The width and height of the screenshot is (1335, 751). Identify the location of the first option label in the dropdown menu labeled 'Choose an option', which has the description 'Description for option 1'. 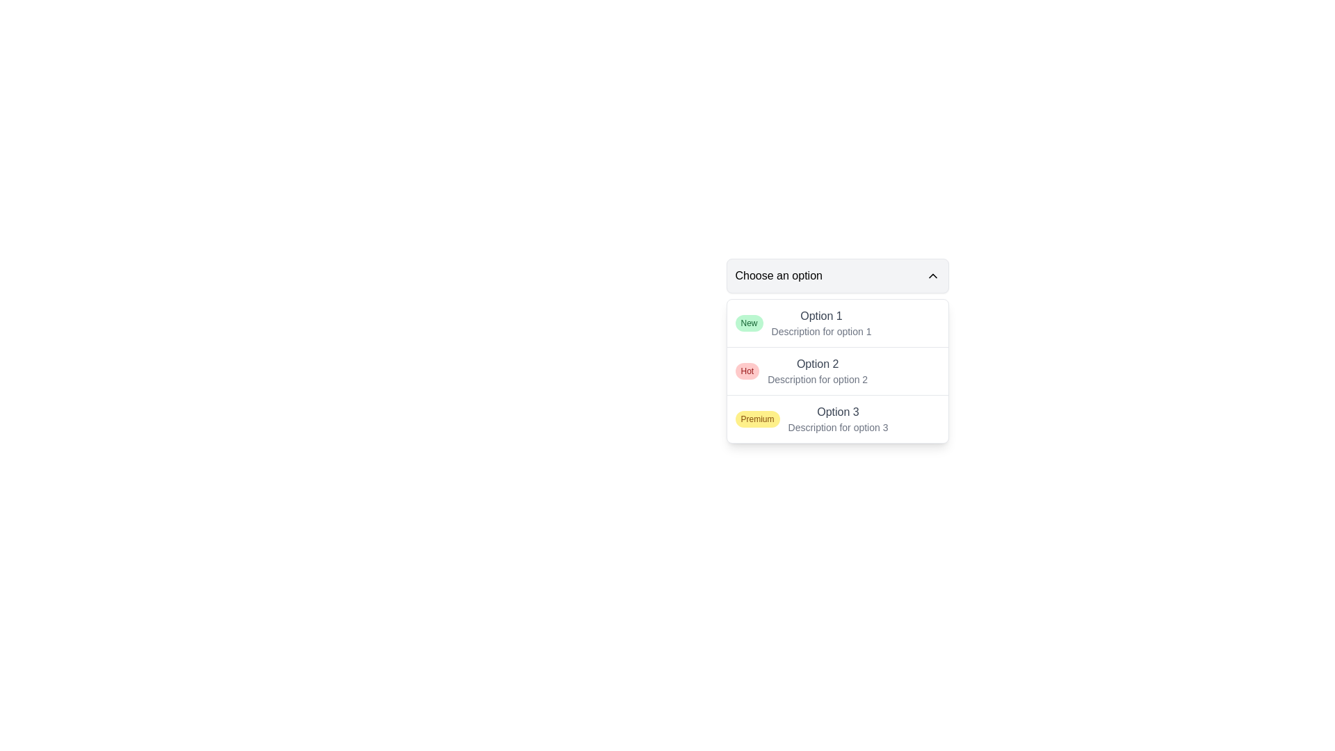
(821, 316).